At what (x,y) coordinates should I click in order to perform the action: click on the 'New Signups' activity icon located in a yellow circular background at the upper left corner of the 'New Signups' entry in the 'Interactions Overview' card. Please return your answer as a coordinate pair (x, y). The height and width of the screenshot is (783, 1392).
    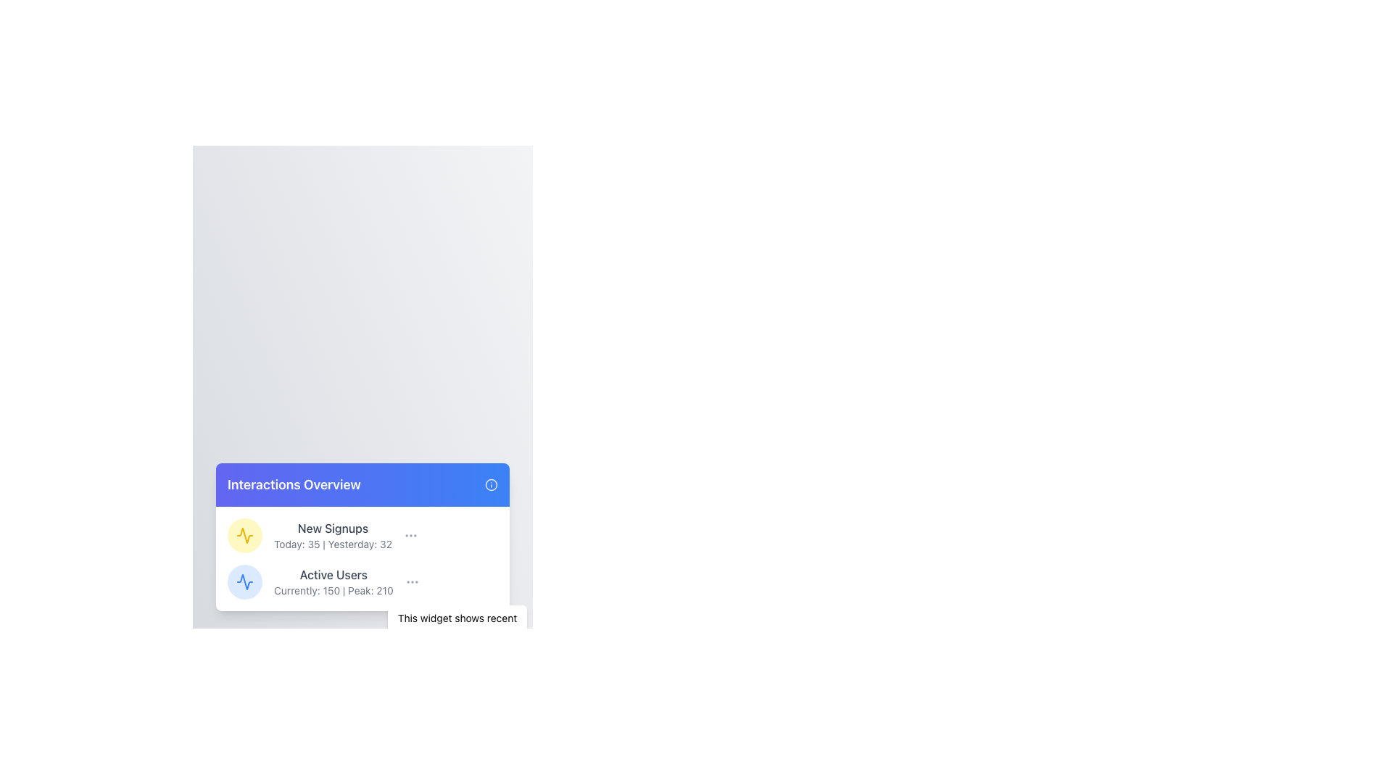
    Looking at the image, I should click on (244, 536).